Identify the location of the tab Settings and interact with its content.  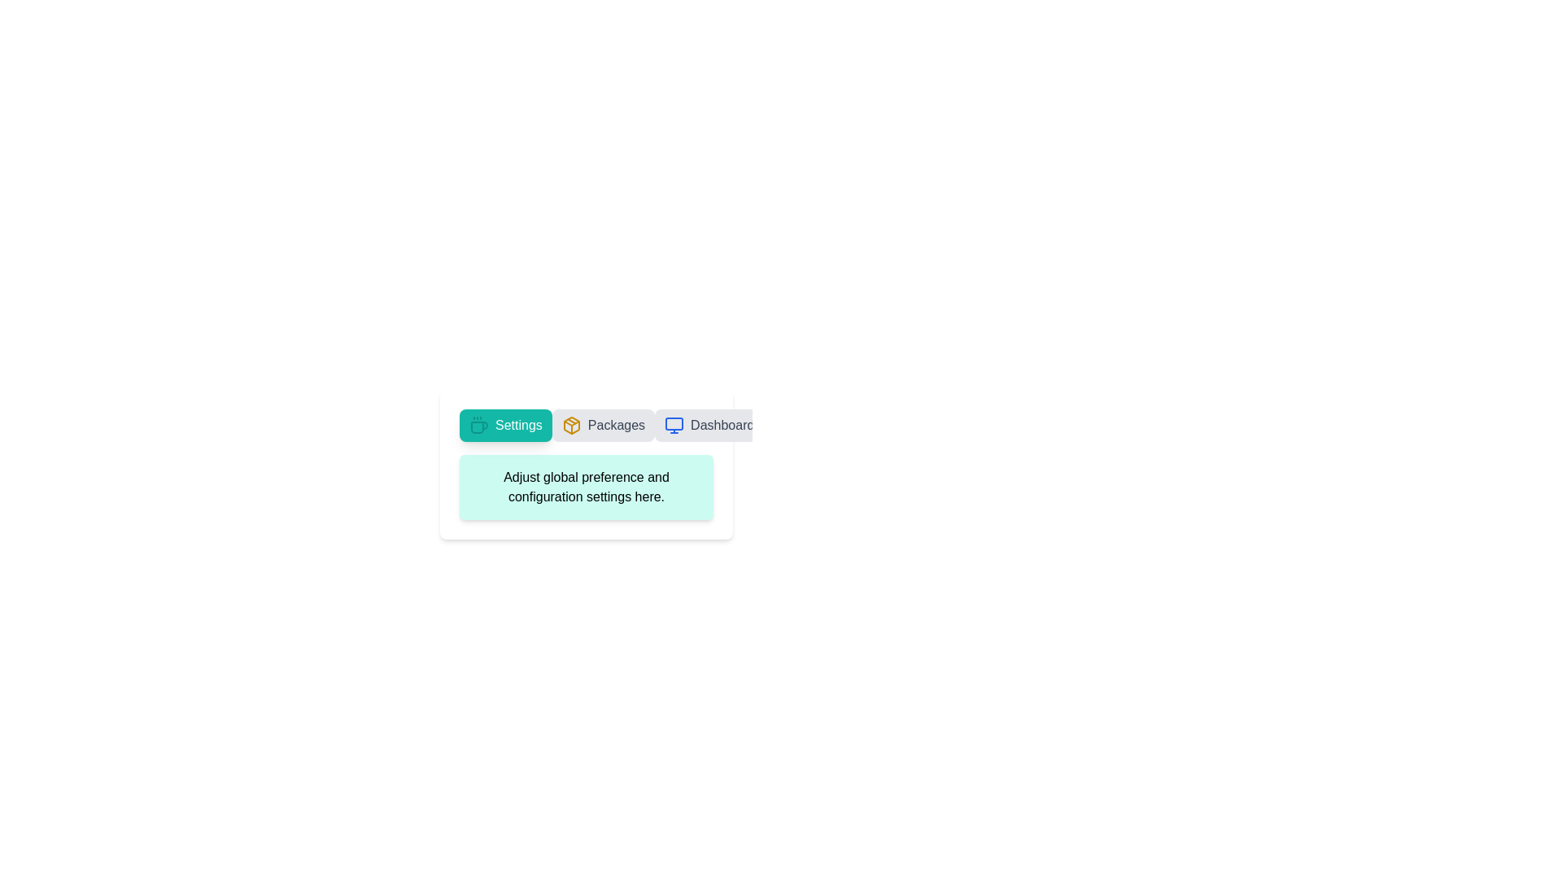
(504, 425).